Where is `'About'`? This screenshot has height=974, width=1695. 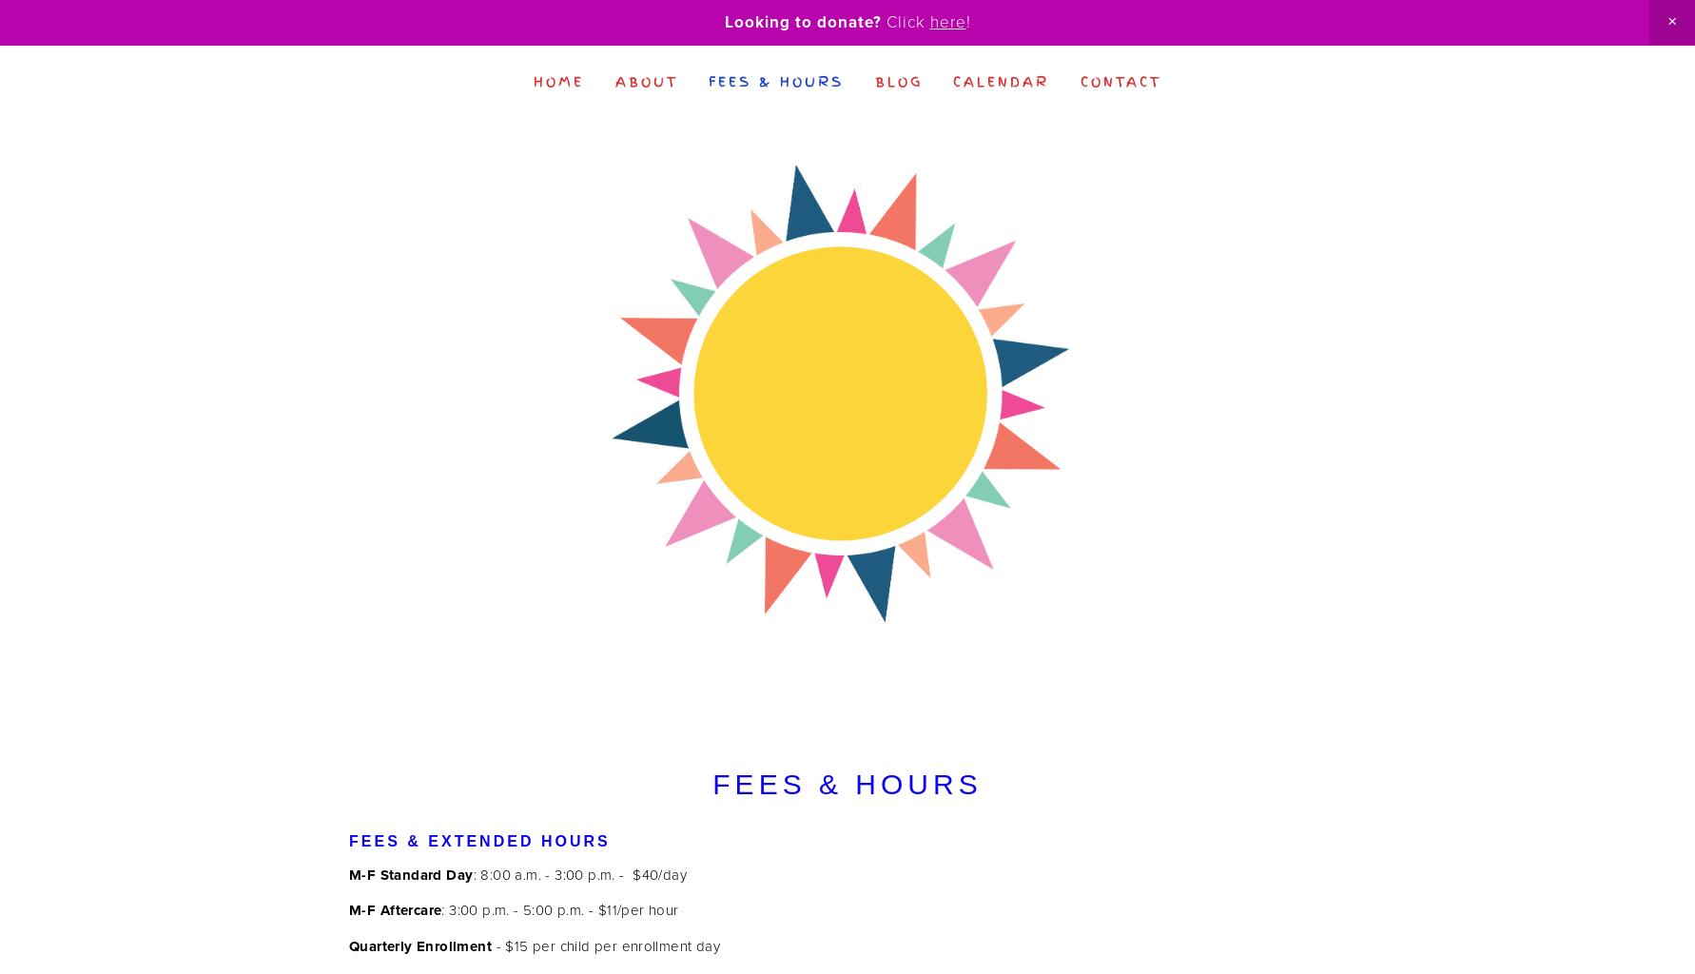
'About' is located at coordinates (613, 79).